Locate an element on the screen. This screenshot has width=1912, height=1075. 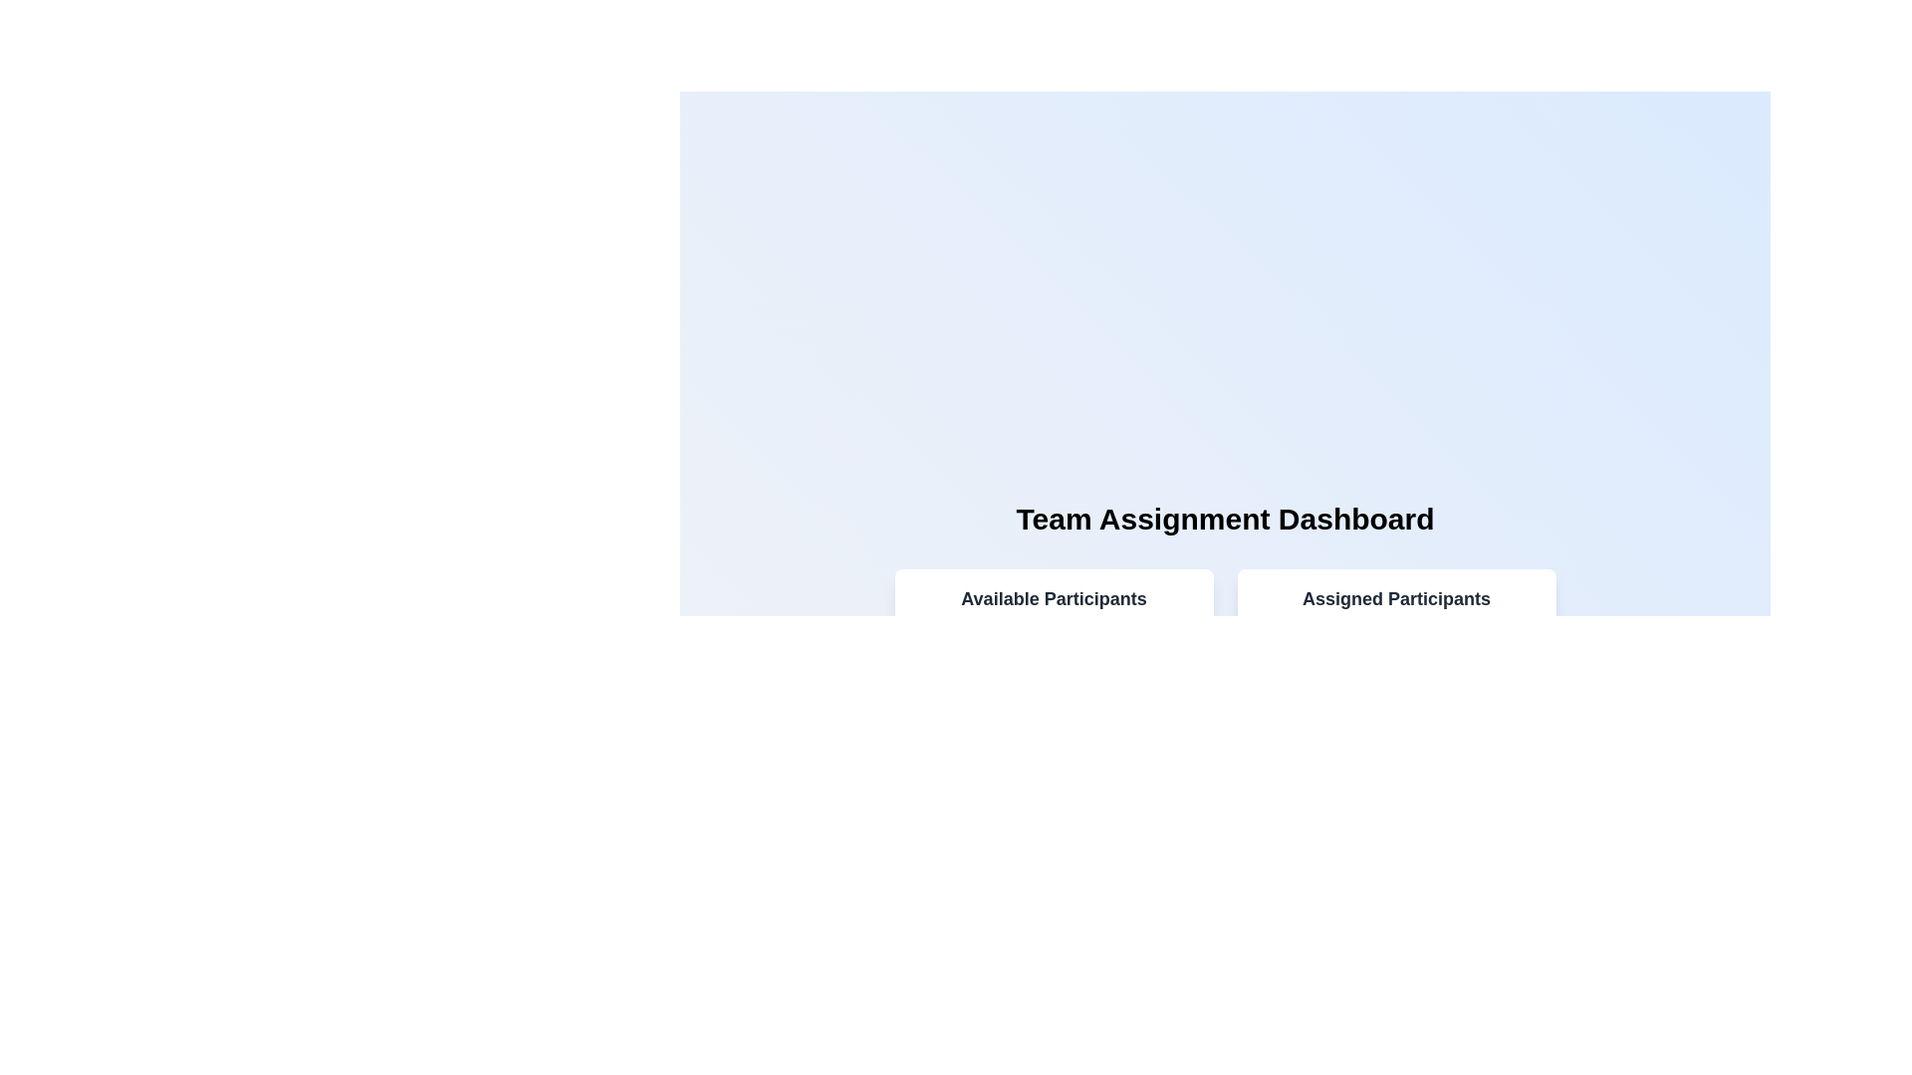
the bold heading text 'Team Assignment Dashboard' which is centered at the top of the interface and styled with a large font size is located at coordinates (1224, 518).